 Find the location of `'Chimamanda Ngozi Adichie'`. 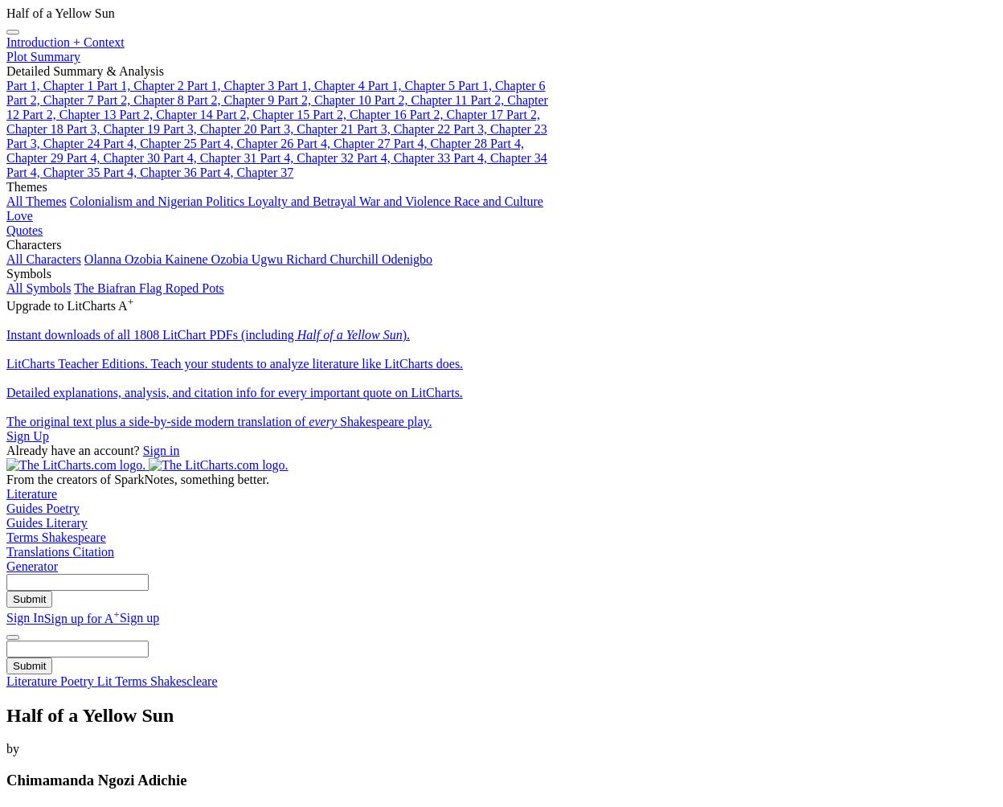

'Chimamanda Ngozi Adichie' is located at coordinates (6, 779).